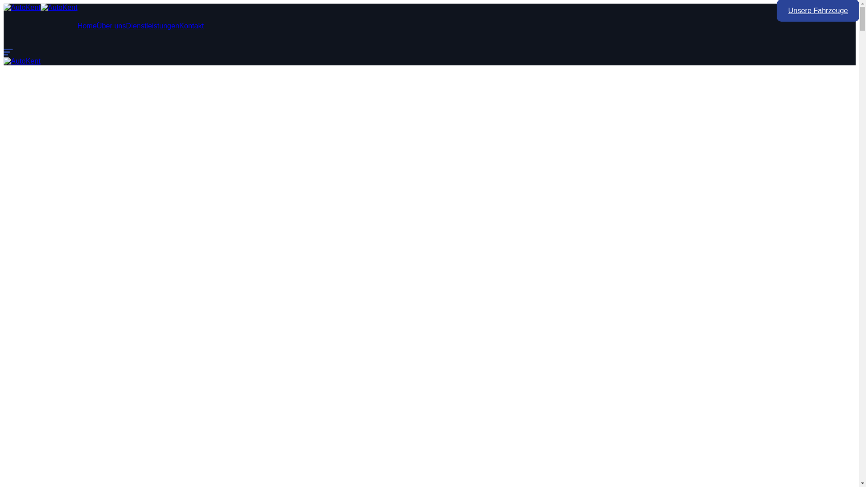 Image resolution: width=866 pixels, height=487 pixels. I want to click on 'Dienstleistungen', so click(152, 25).